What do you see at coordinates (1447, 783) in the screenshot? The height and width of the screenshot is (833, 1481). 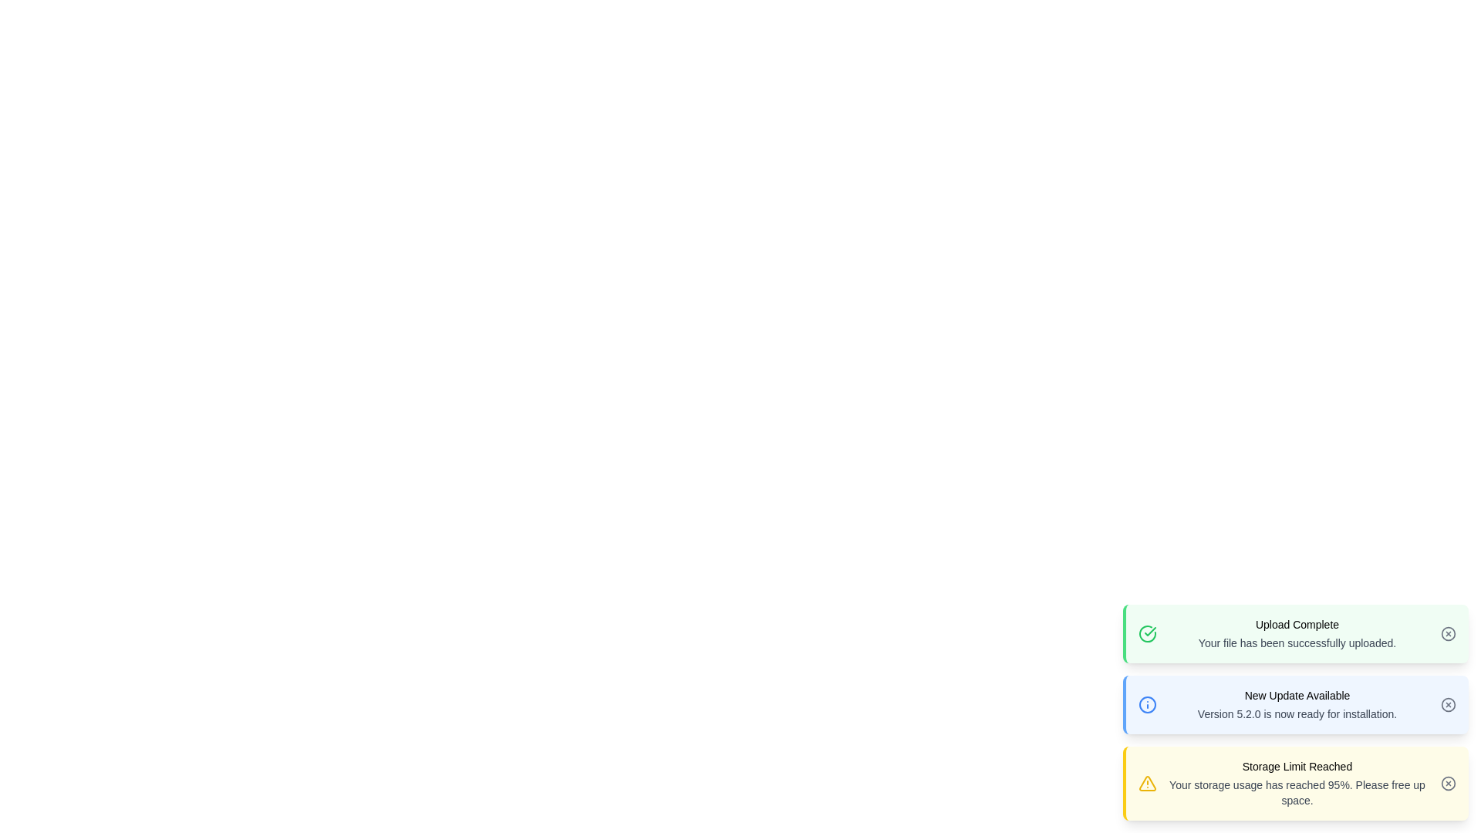 I see `the Close Button, a small circular icon with a gray border and an 'x' symbol, located in the bottom right of the 'Storage Limit Reached' notification card` at bounding box center [1447, 783].